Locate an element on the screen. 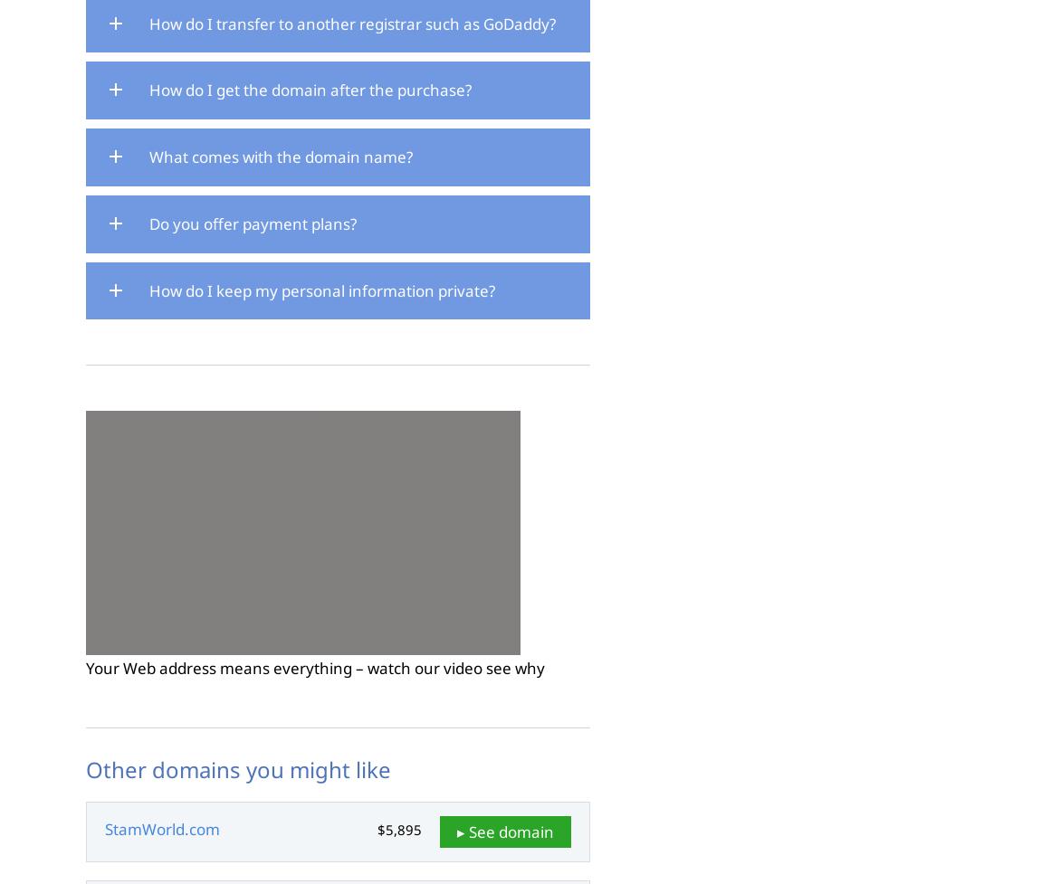 The image size is (1041, 884). 'How do I get the domain after the purchase?' is located at coordinates (310, 90).